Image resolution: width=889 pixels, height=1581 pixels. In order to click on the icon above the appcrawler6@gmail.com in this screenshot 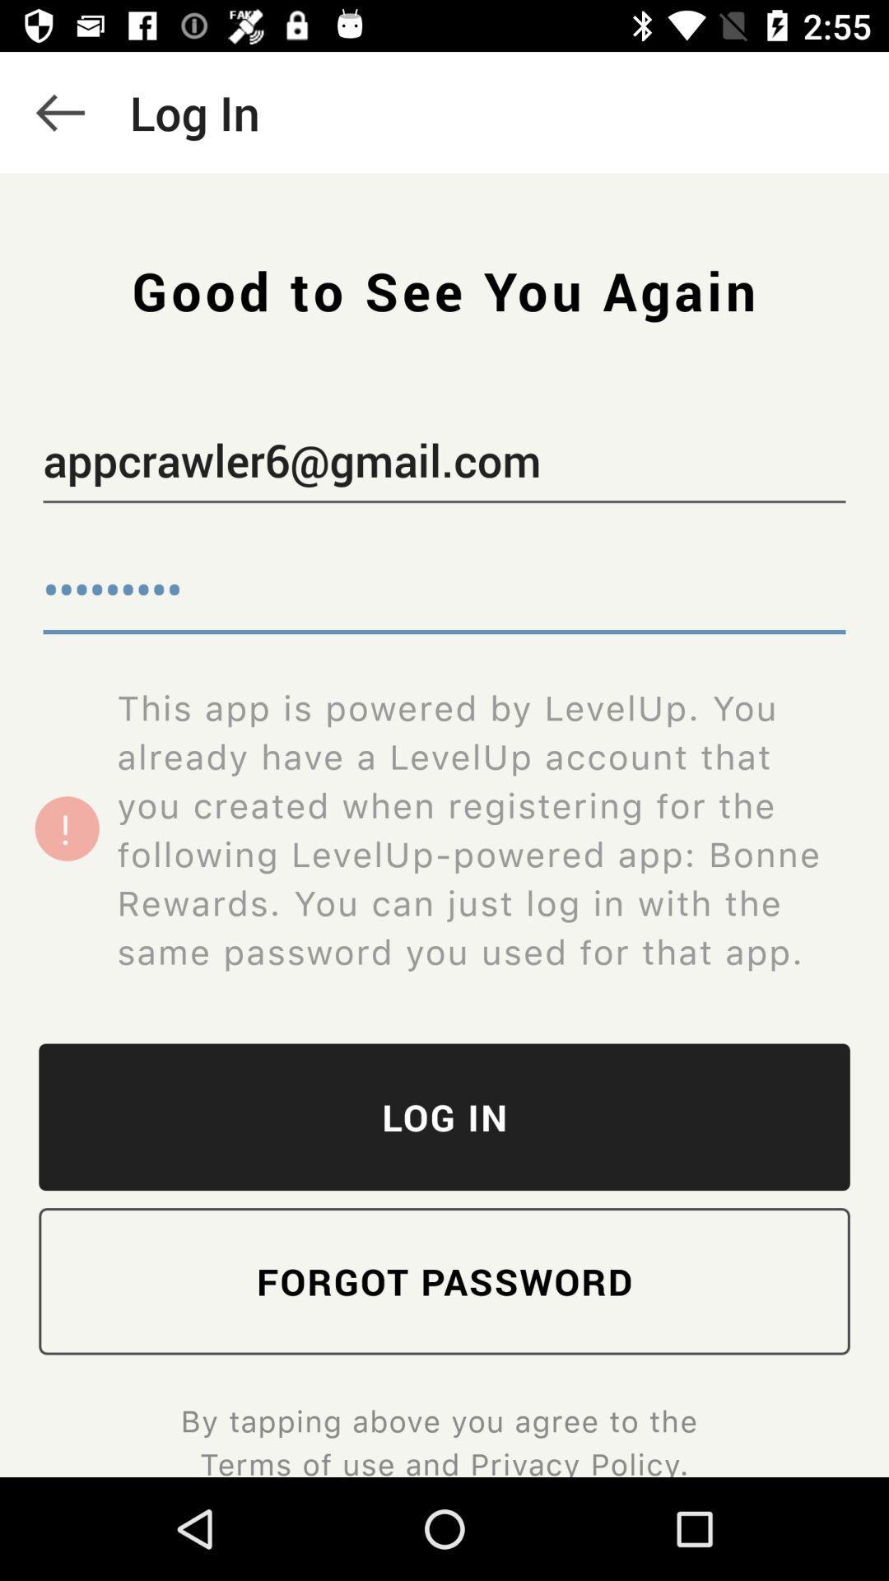, I will do `click(59, 111)`.